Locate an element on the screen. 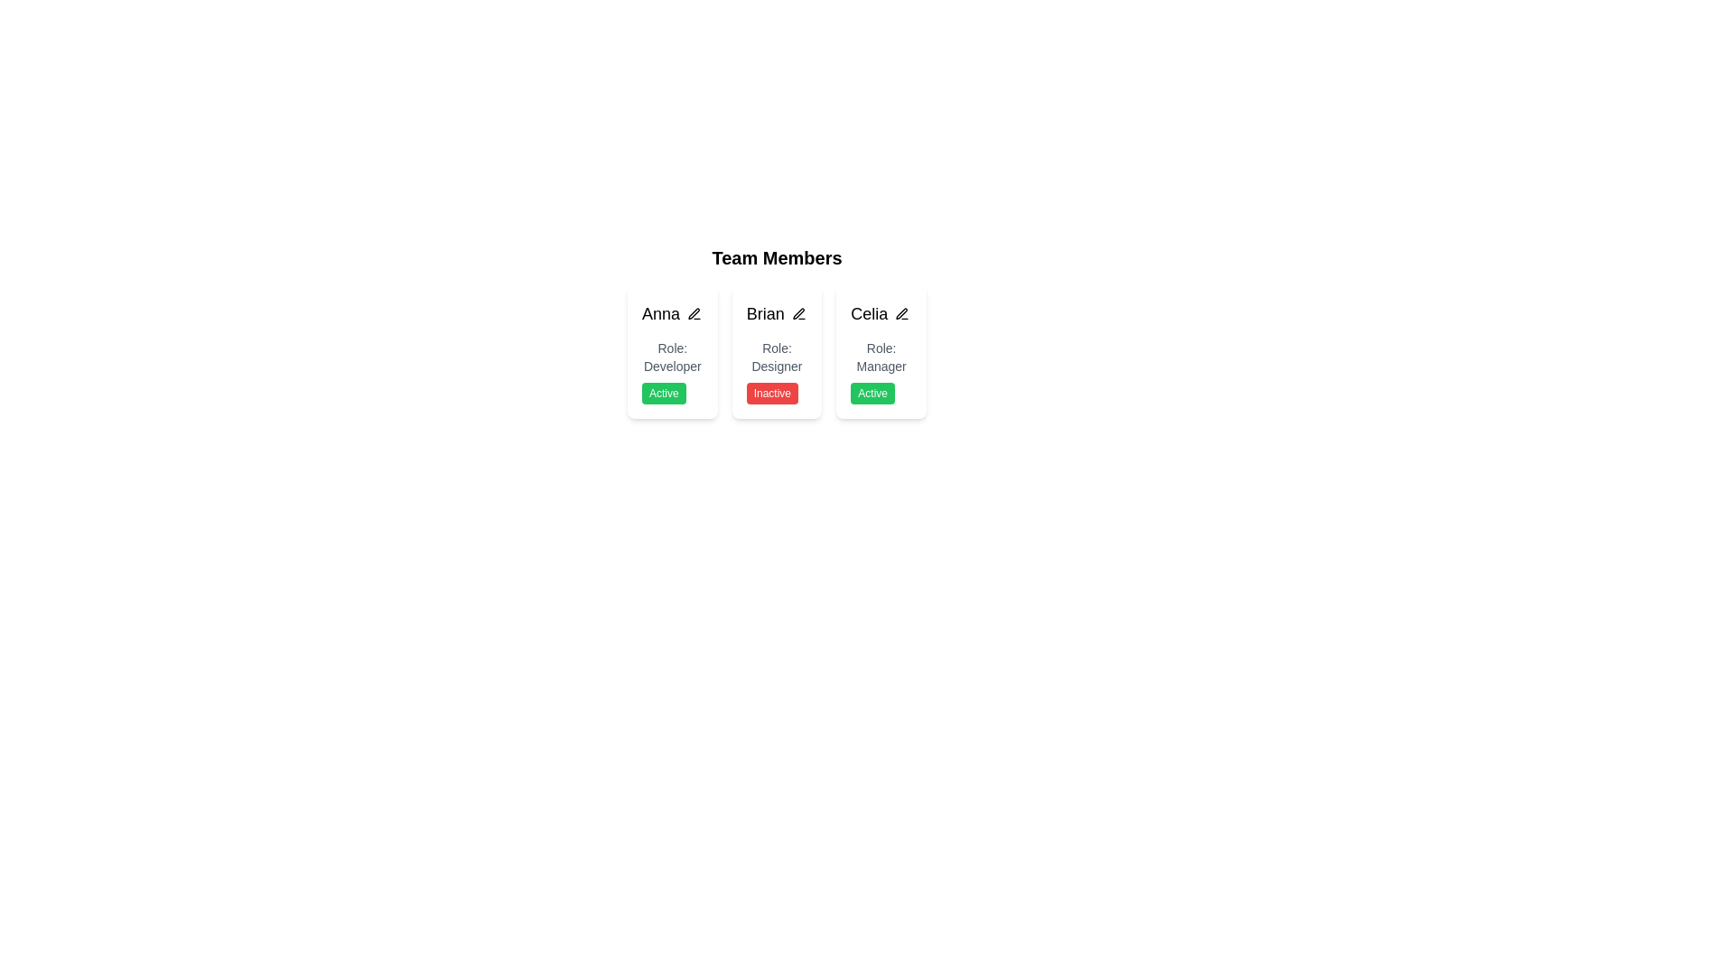 The width and height of the screenshot is (1734, 975). the text label displaying the name 'Anna' at the top-left corner of the first card in the 'Team Members' section is located at coordinates (660, 312).